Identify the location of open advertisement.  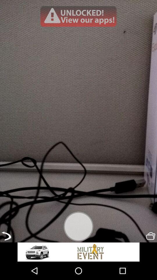
(78, 16).